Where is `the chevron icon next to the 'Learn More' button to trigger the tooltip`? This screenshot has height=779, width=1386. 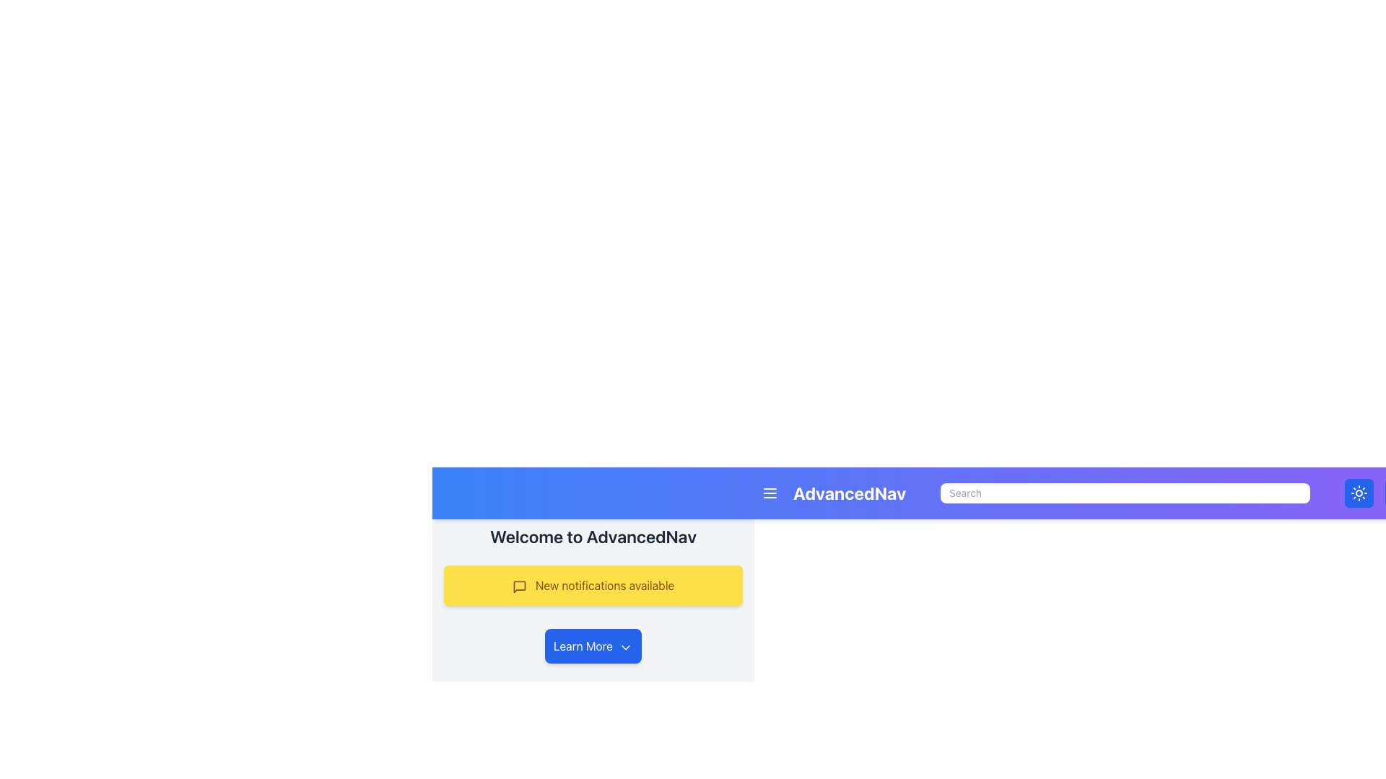 the chevron icon next to the 'Learn More' button to trigger the tooltip is located at coordinates (626, 646).